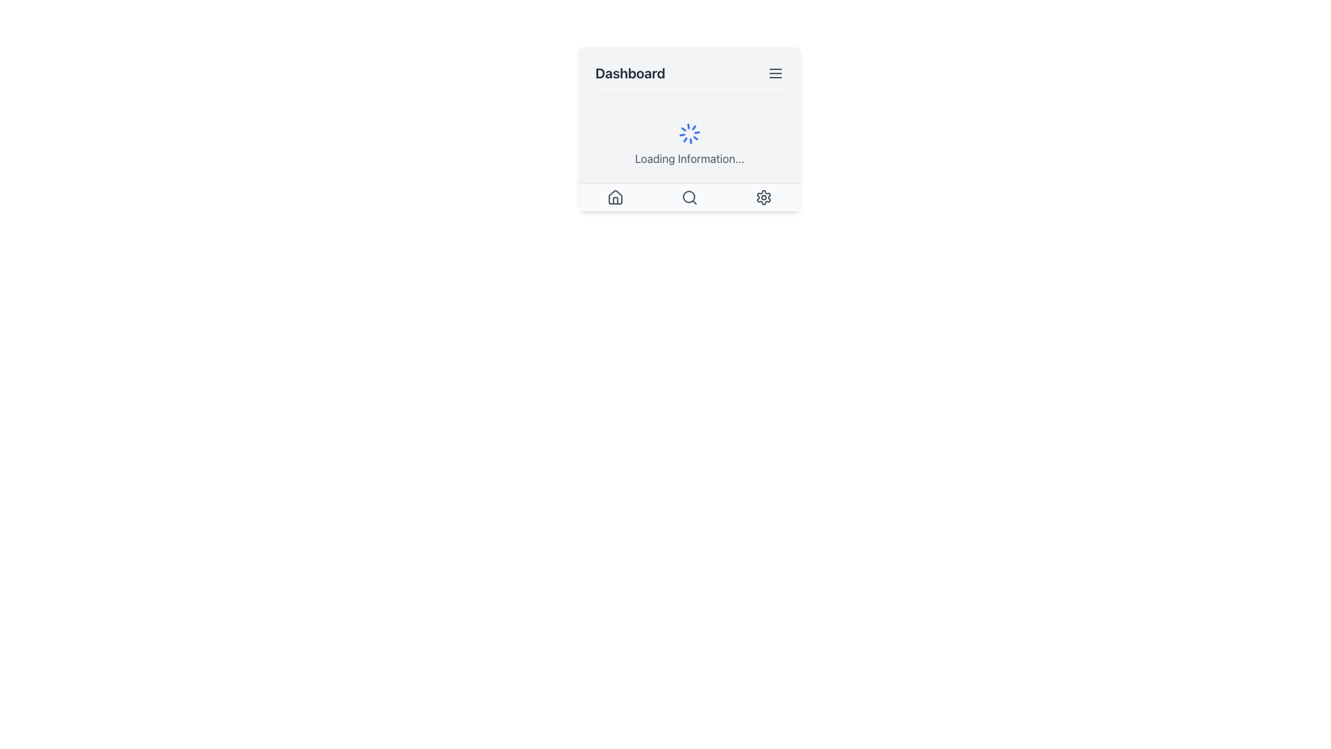 This screenshot has width=1331, height=749. Describe the element at coordinates (689, 198) in the screenshot. I see `the Search Button icon located in the bottom navigation bar, between the house icon and the settings icon` at that location.